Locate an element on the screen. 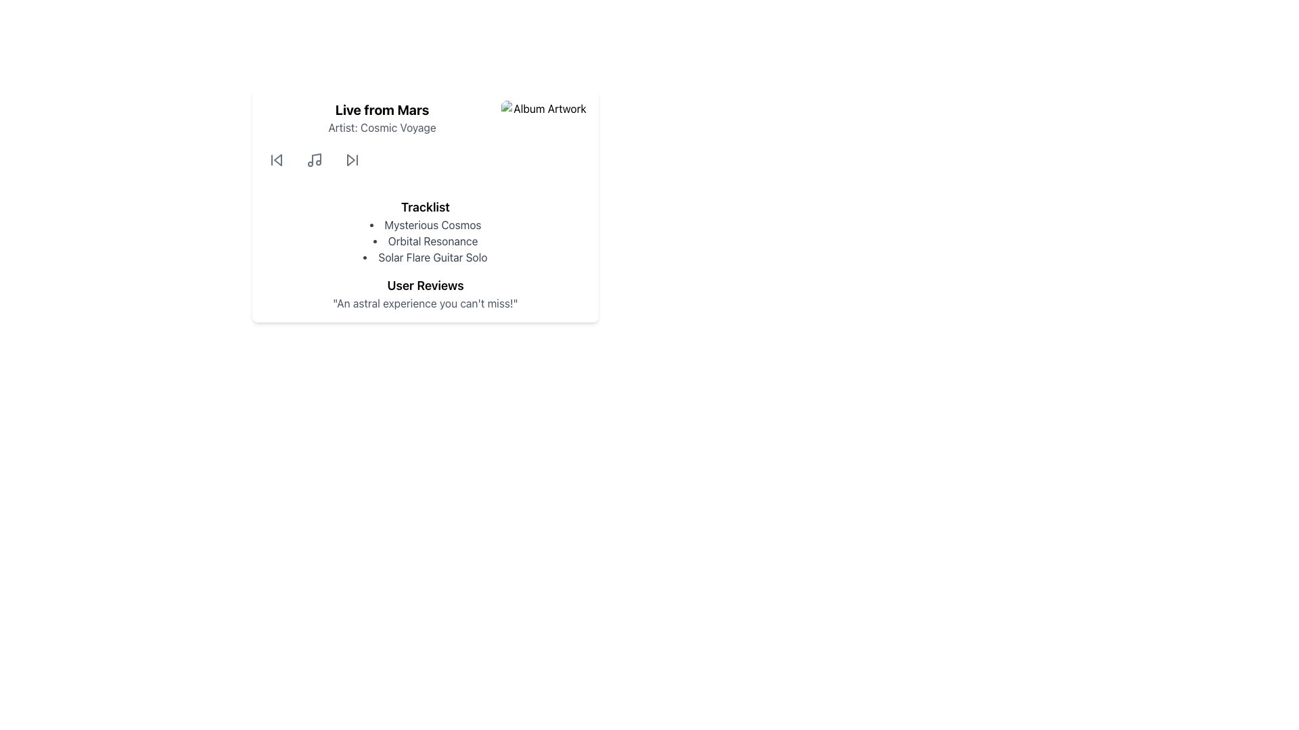 The image size is (1299, 730). static text display showing the name of the artist located below 'Live from Mars' is located at coordinates (382, 128).